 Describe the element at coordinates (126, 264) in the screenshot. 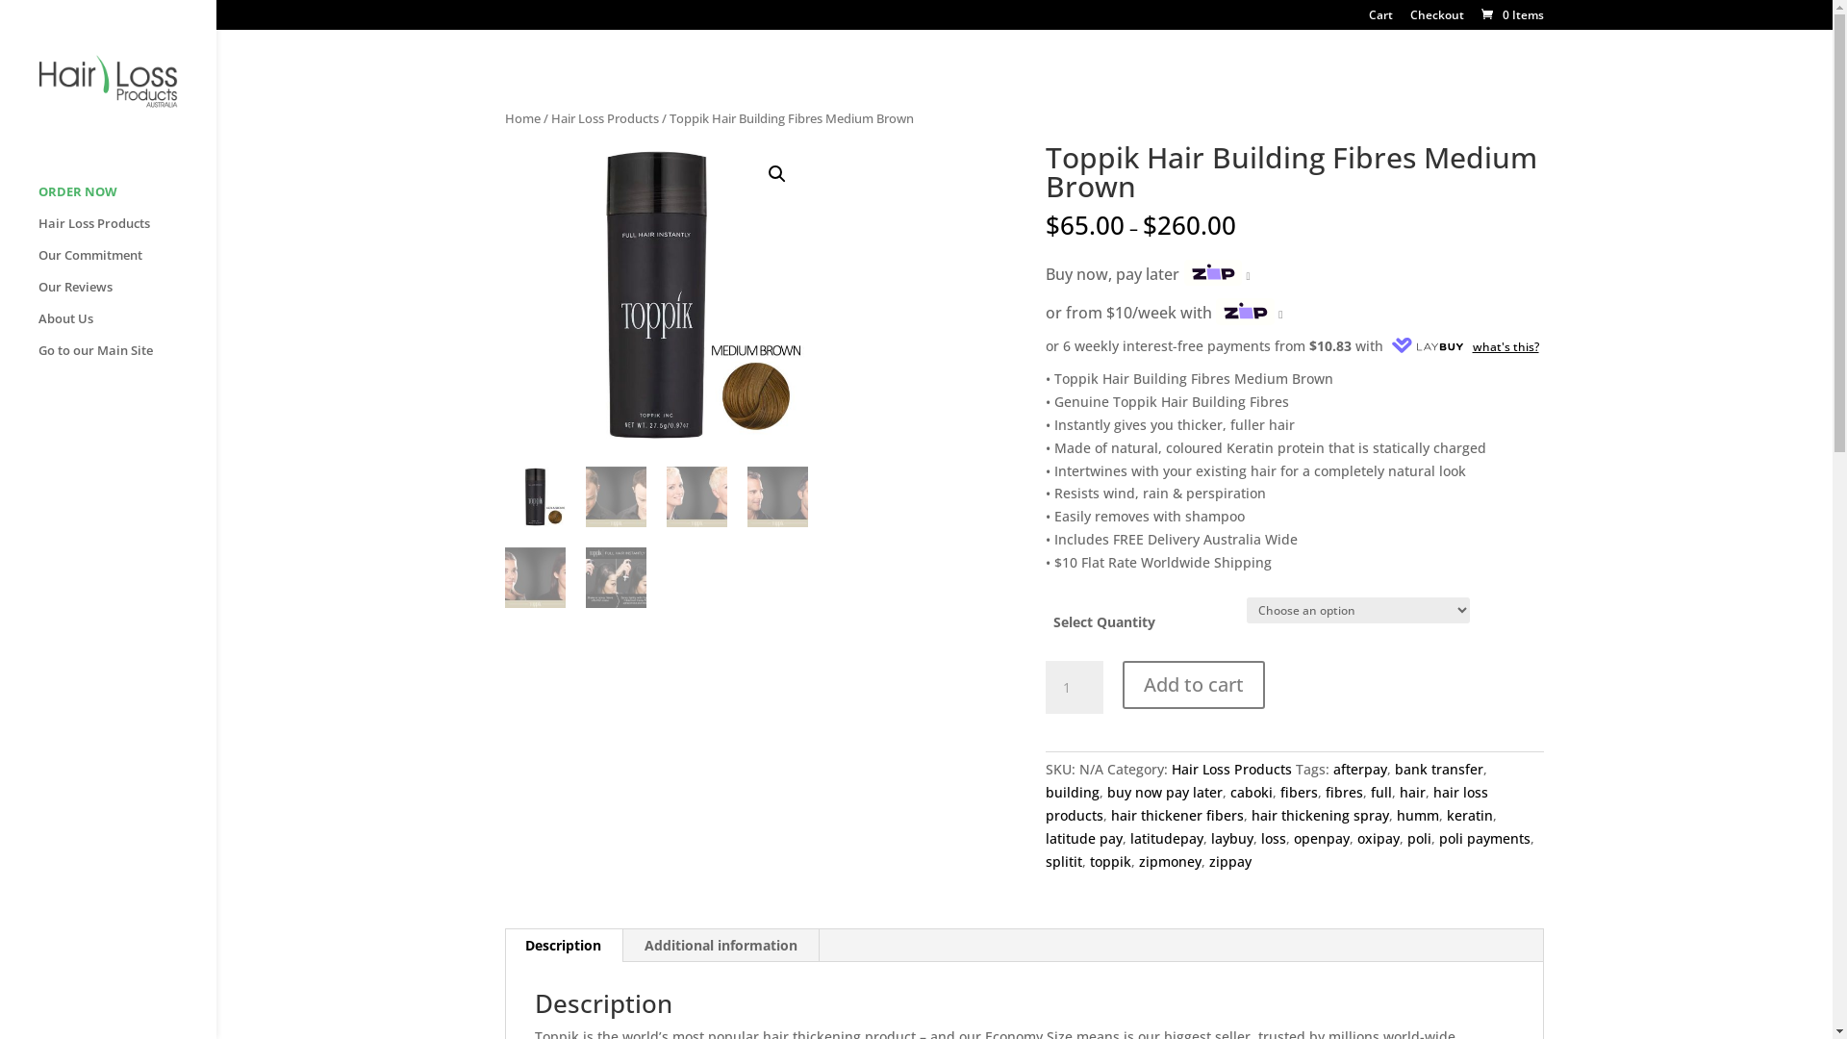

I see `'Our Commitment'` at that location.